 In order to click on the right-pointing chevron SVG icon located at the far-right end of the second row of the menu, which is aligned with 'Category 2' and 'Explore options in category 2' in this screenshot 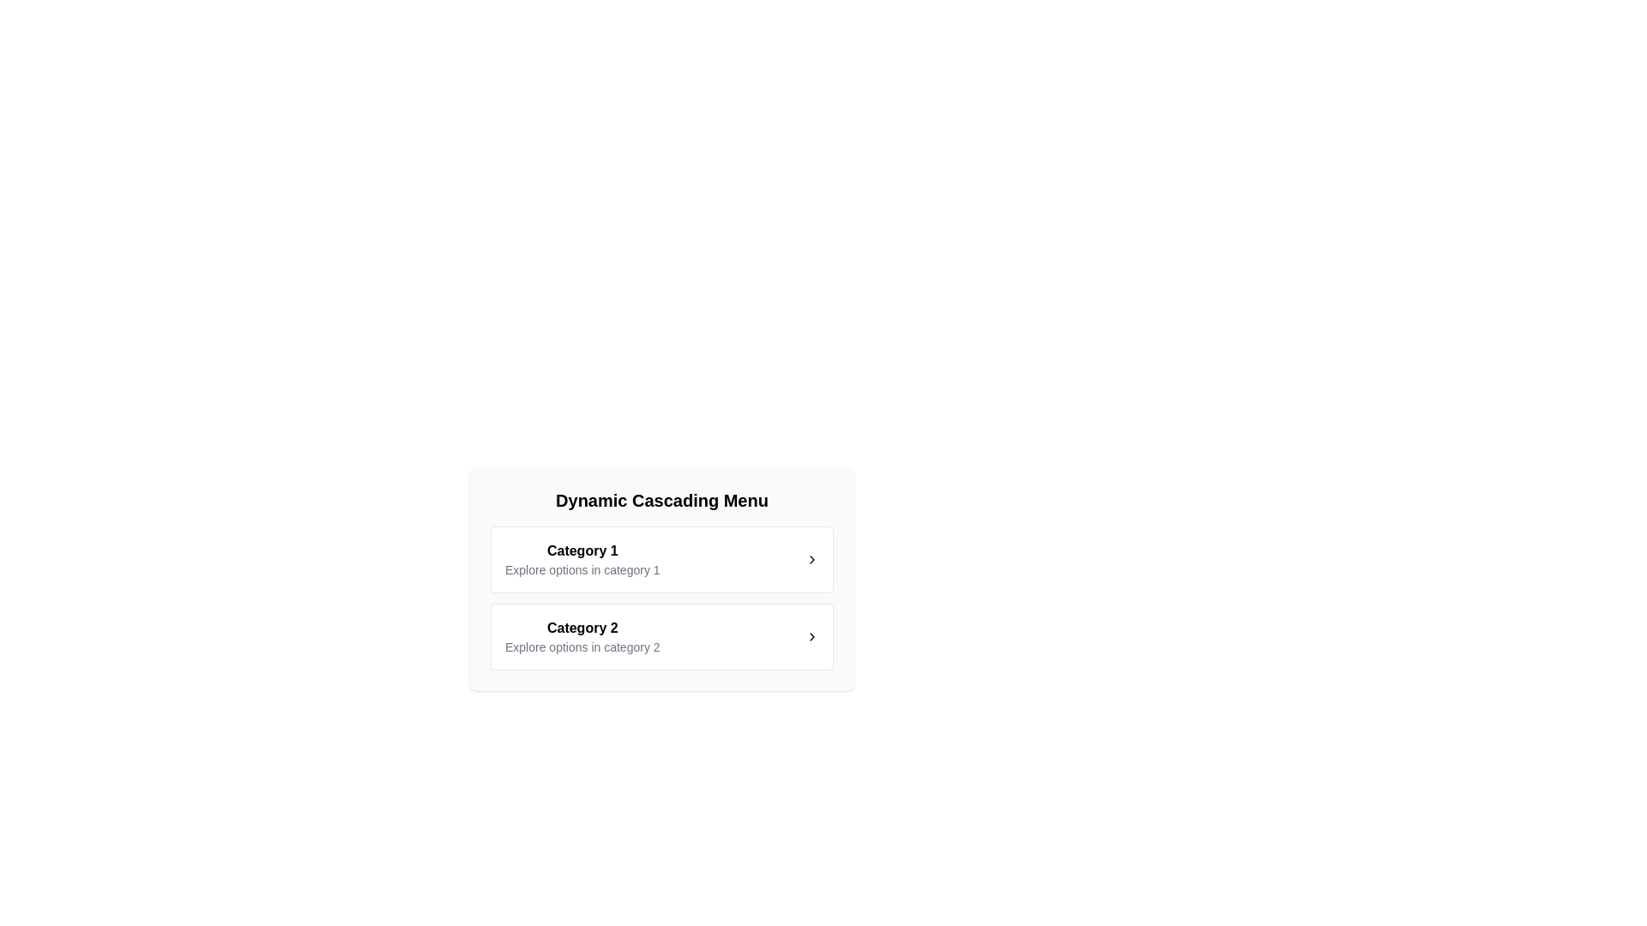, I will do `click(811, 637)`.